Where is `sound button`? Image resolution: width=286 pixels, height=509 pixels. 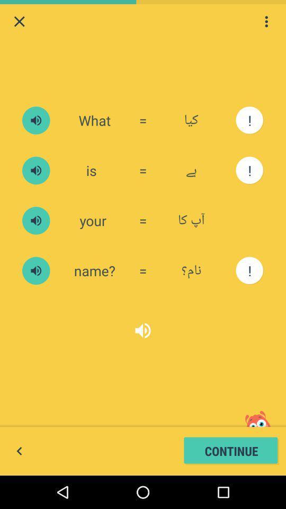 sound button is located at coordinates (35, 270).